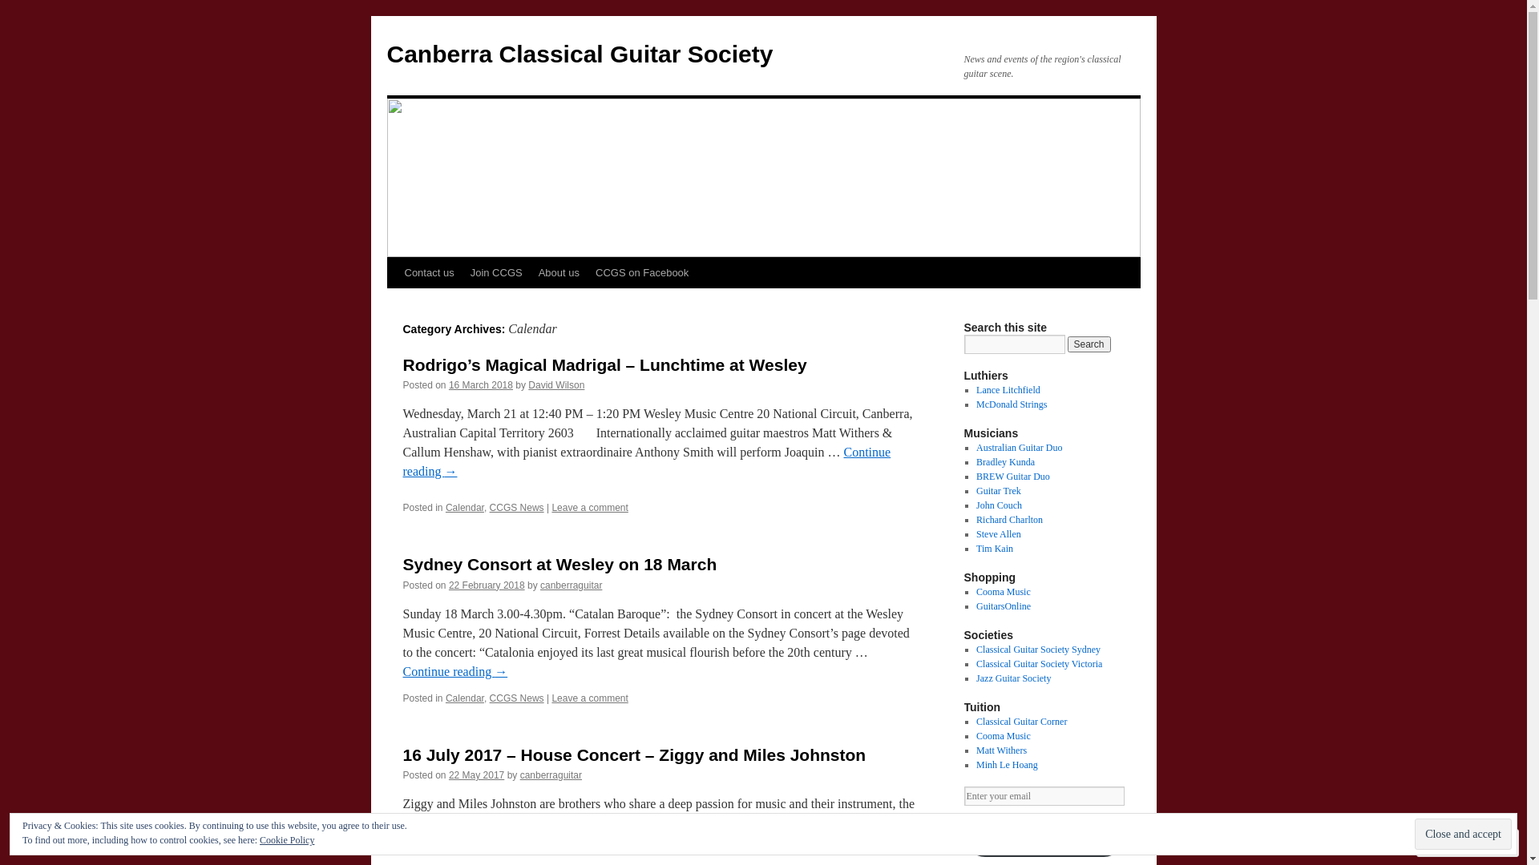 This screenshot has width=1539, height=865. What do you see at coordinates (1043, 796) in the screenshot?
I see `'Enter your email'` at bounding box center [1043, 796].